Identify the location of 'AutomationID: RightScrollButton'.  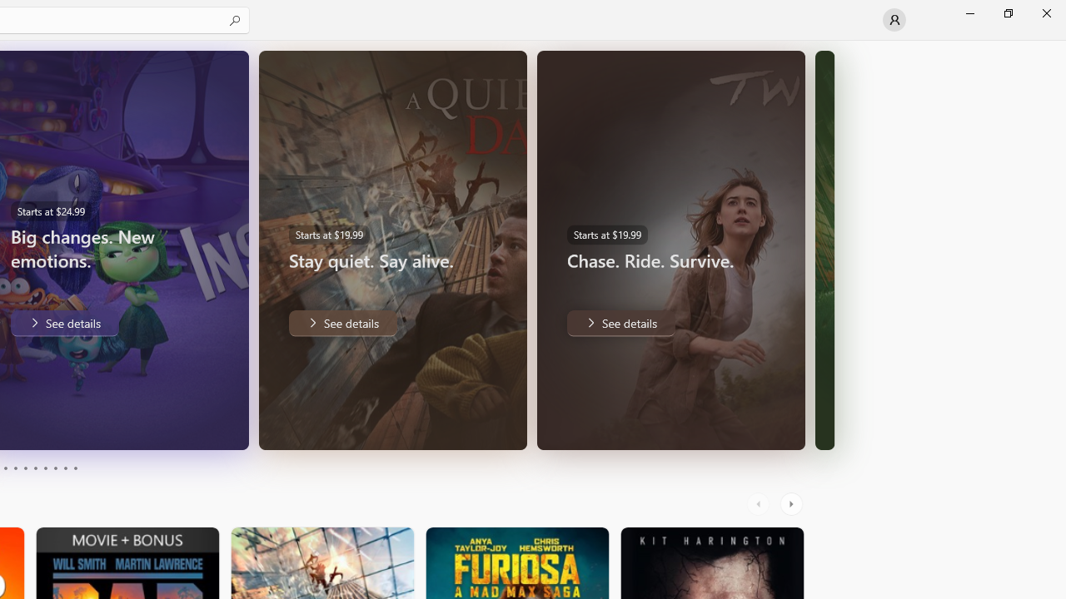
(792, 503).